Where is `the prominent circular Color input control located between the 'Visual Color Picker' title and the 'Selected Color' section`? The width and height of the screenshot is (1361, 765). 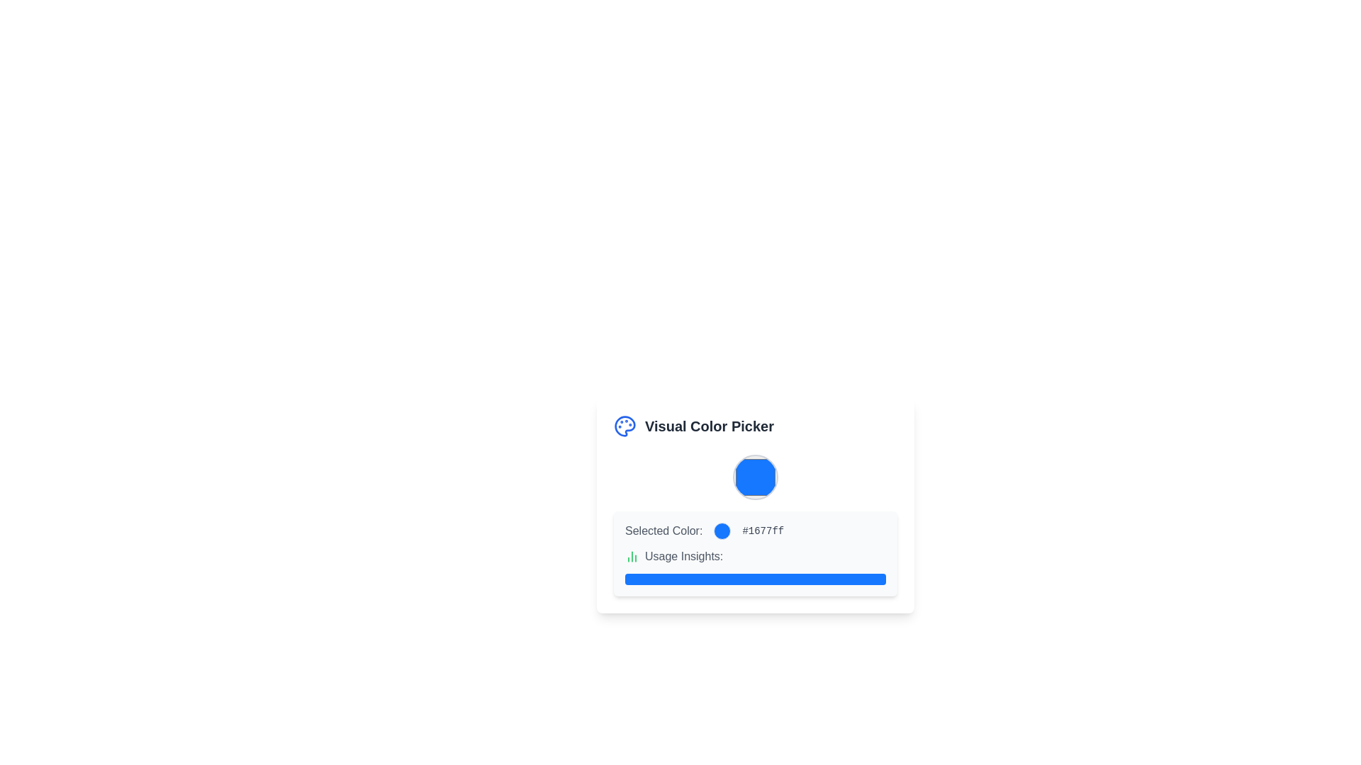 the prominent circular Color input control located between the 'Visual Color Picker' title and the 'Selected Color' section is located at coordinates (754, 477).